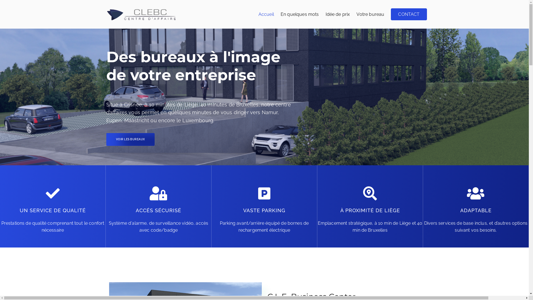  Describe the element at coordinates (106, 139) in the screenshot. I see `'VOIR LES BUREAUX'` at that location.